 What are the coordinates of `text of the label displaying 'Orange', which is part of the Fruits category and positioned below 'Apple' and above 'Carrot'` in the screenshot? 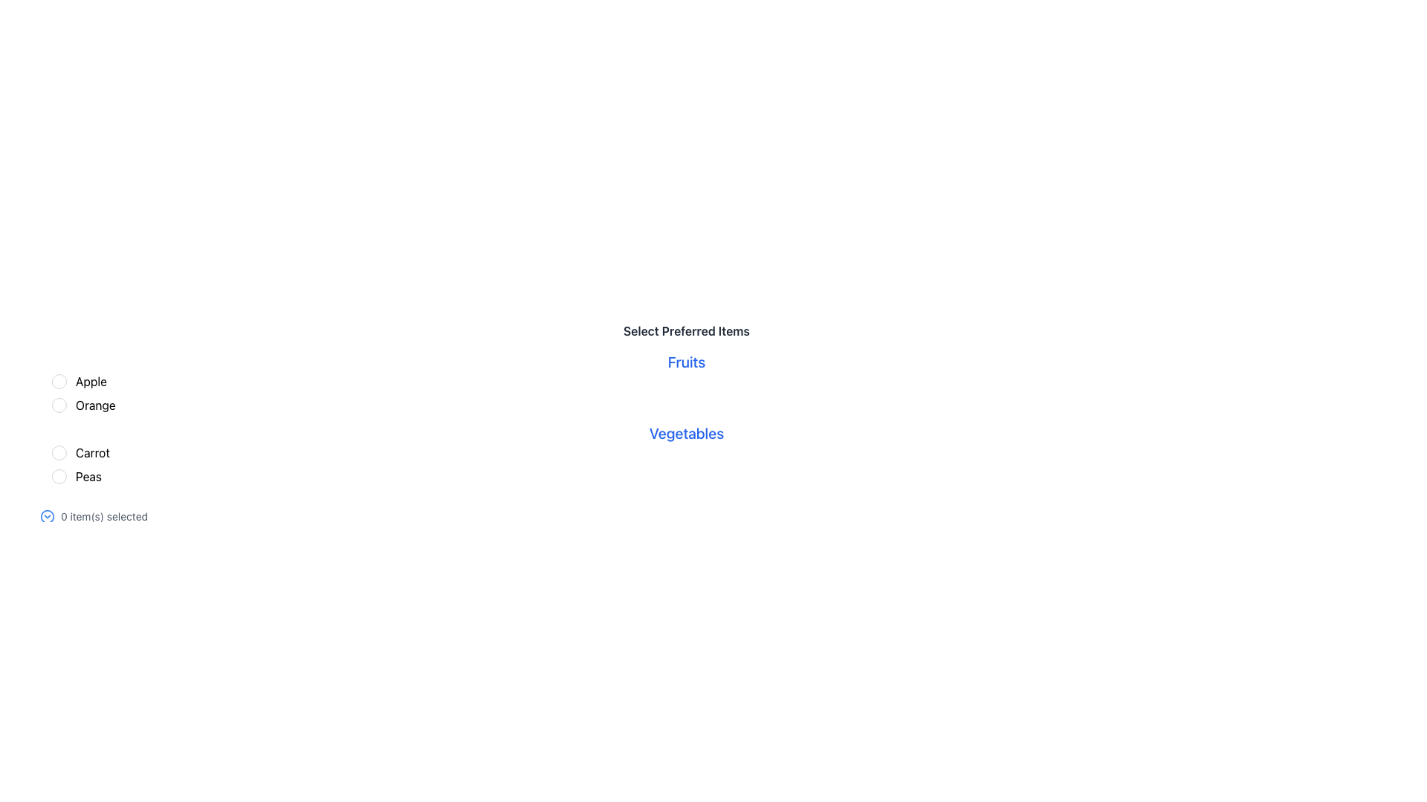 It's located at (94, 405).